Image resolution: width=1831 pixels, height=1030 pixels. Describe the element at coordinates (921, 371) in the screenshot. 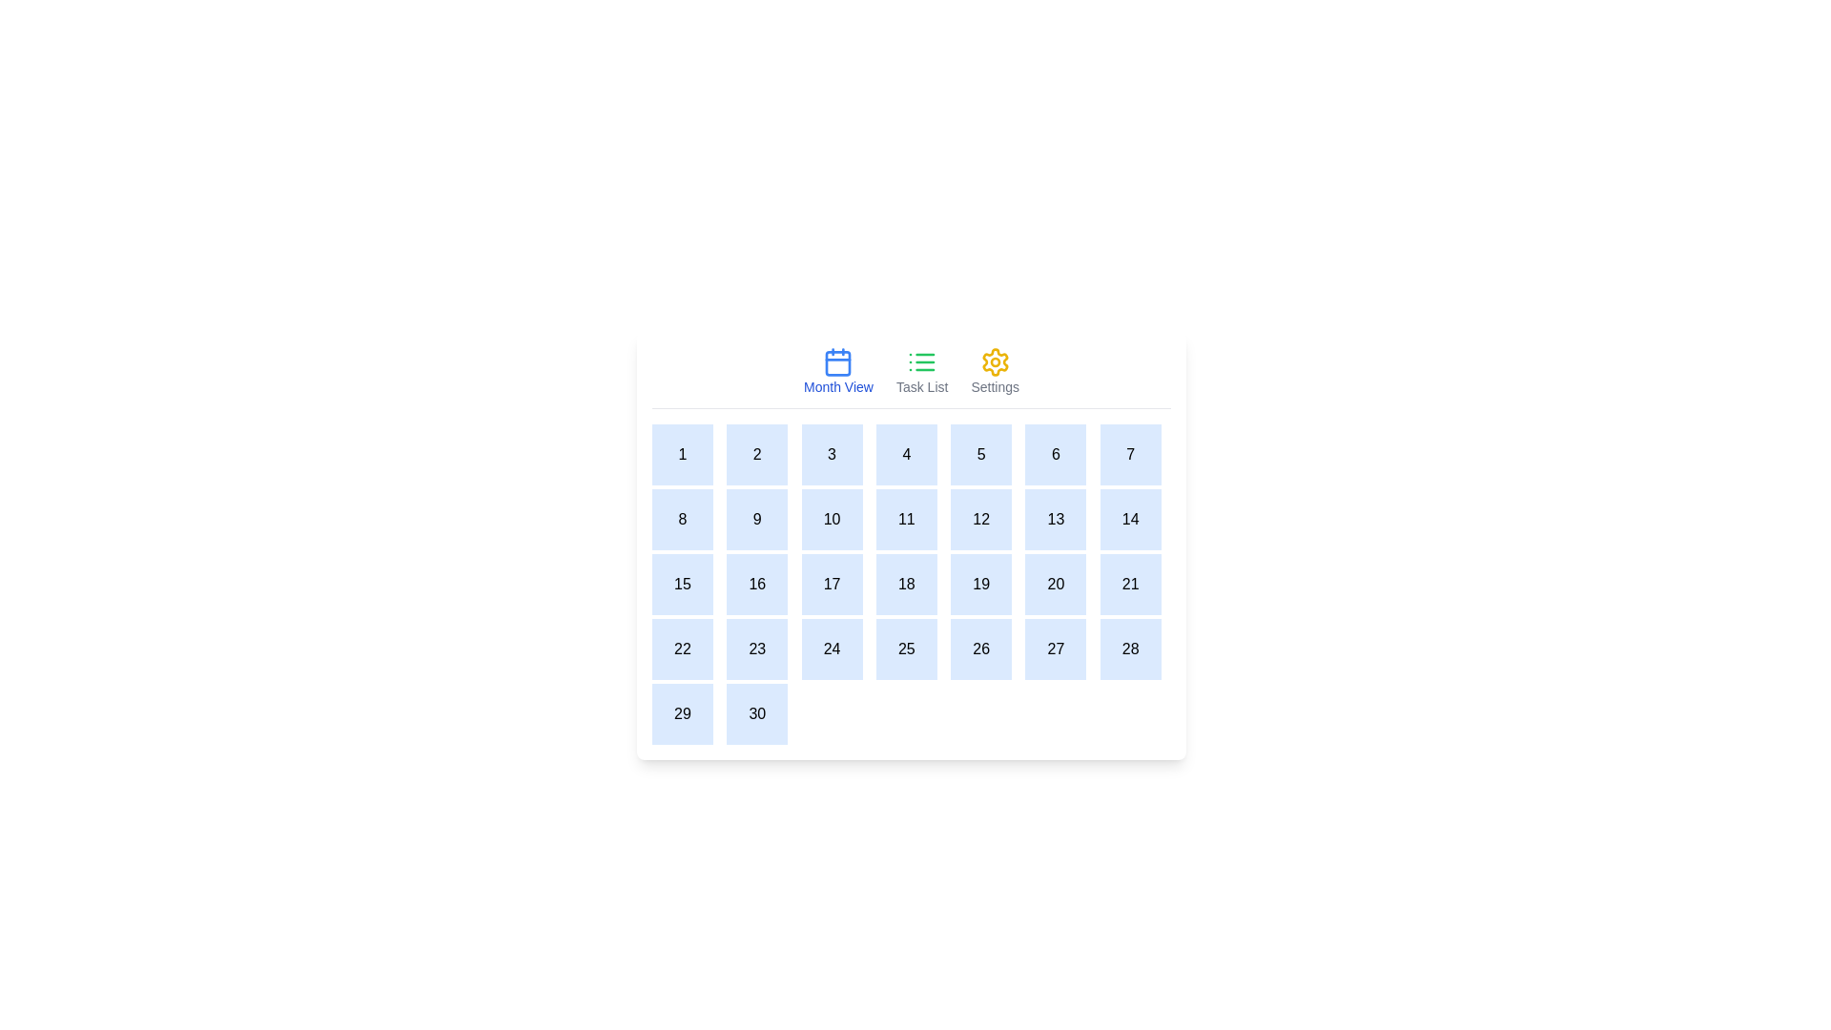

I see `the 'Task List' tab to switch to the task list view` at that location.